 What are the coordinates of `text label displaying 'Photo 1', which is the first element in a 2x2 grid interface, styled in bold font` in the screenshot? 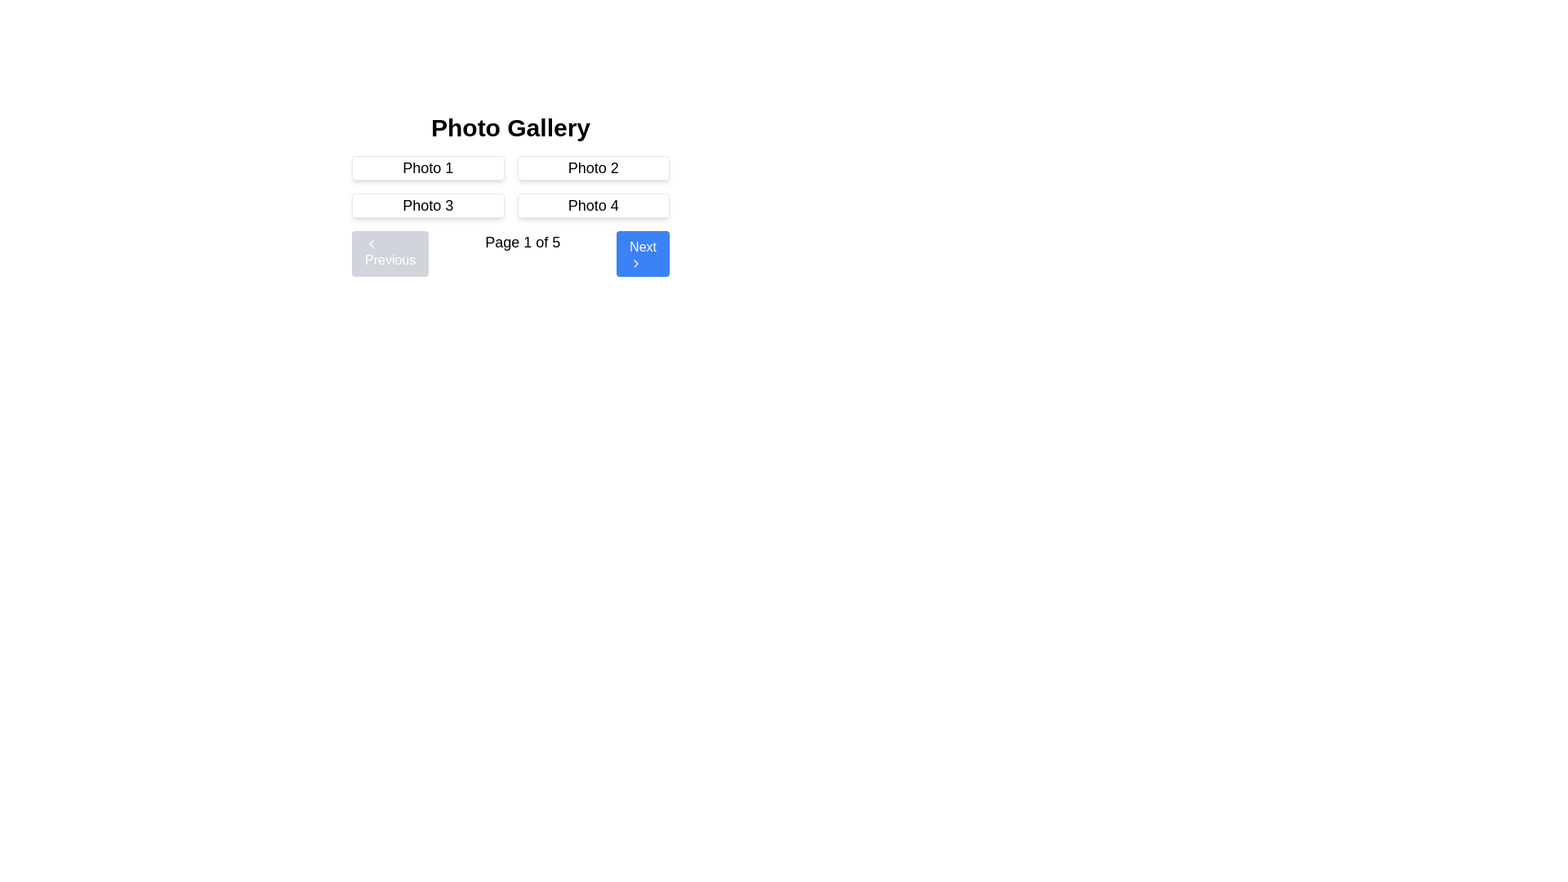 It's located at (428, 167).